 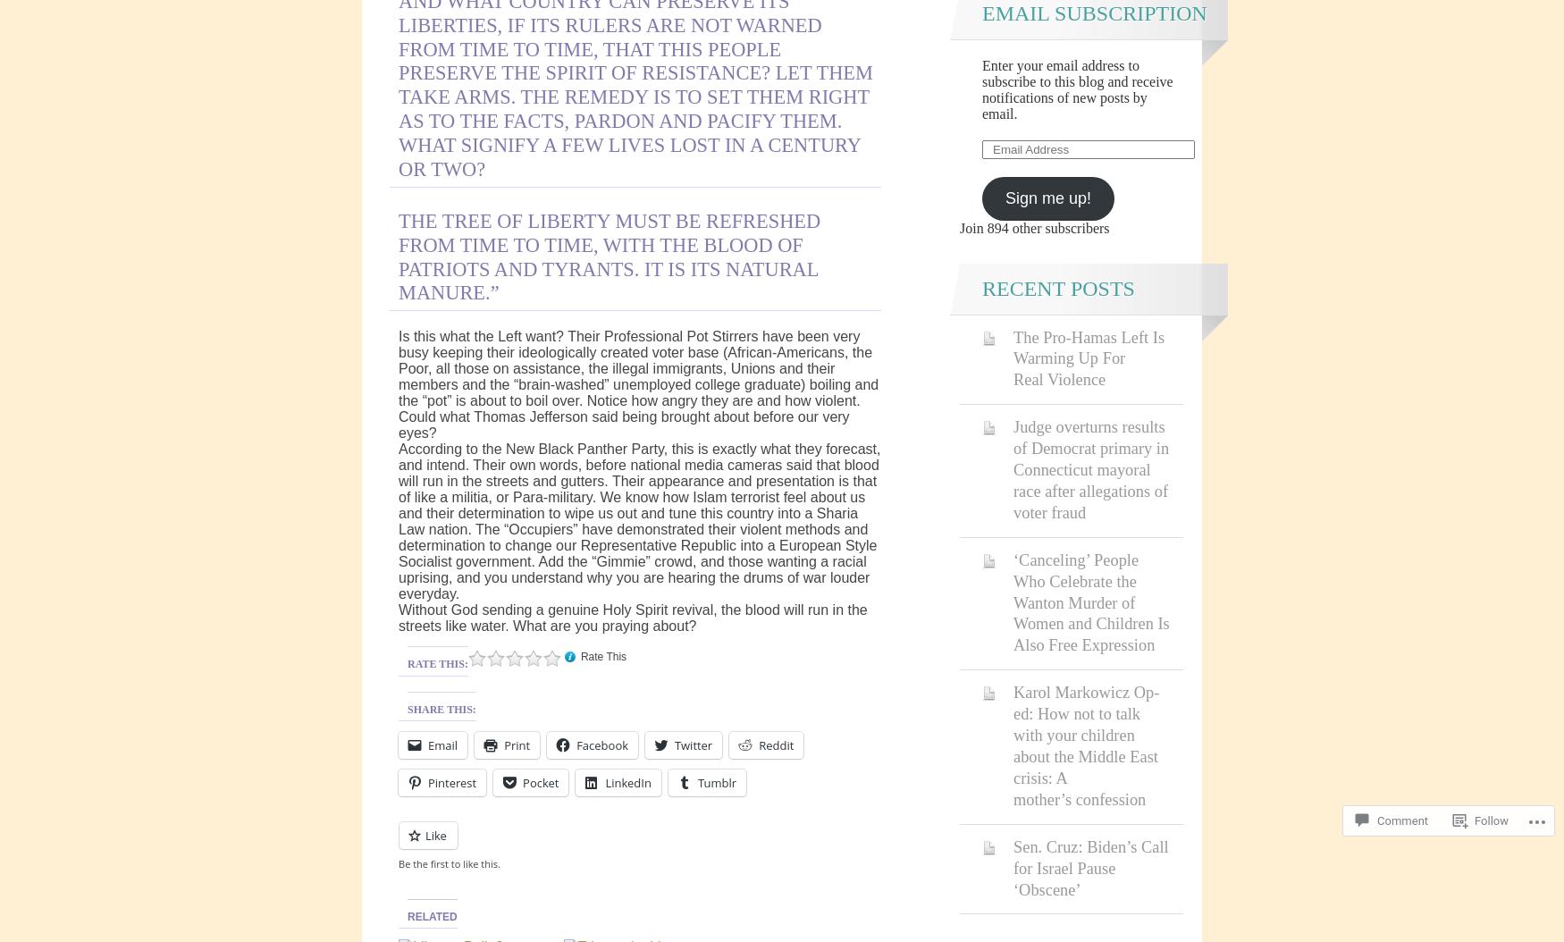 What do you see at coordinates (1090, 468) in the screenshot?
I see `'Judge overturns results of Democrat primary in Connecticut mayoral race after allegations of voter fraud'` at bounding box center [1090, 468].